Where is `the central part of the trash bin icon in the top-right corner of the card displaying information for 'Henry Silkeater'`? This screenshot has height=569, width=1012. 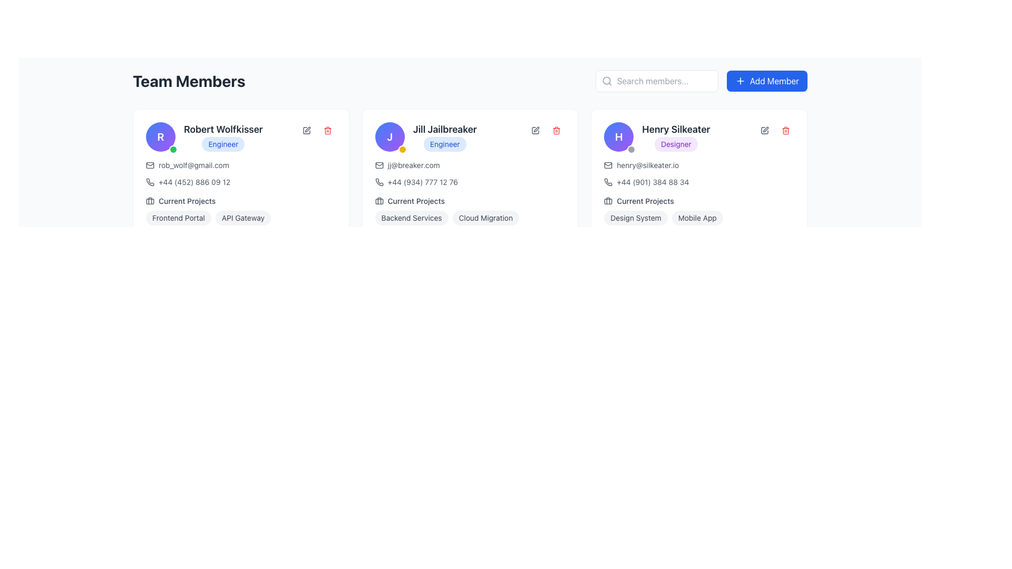
the central part of the trash bin icon in the top-right corner of the card displaying information for 'Henry Silkeater' is located at coordinates (786, 131).